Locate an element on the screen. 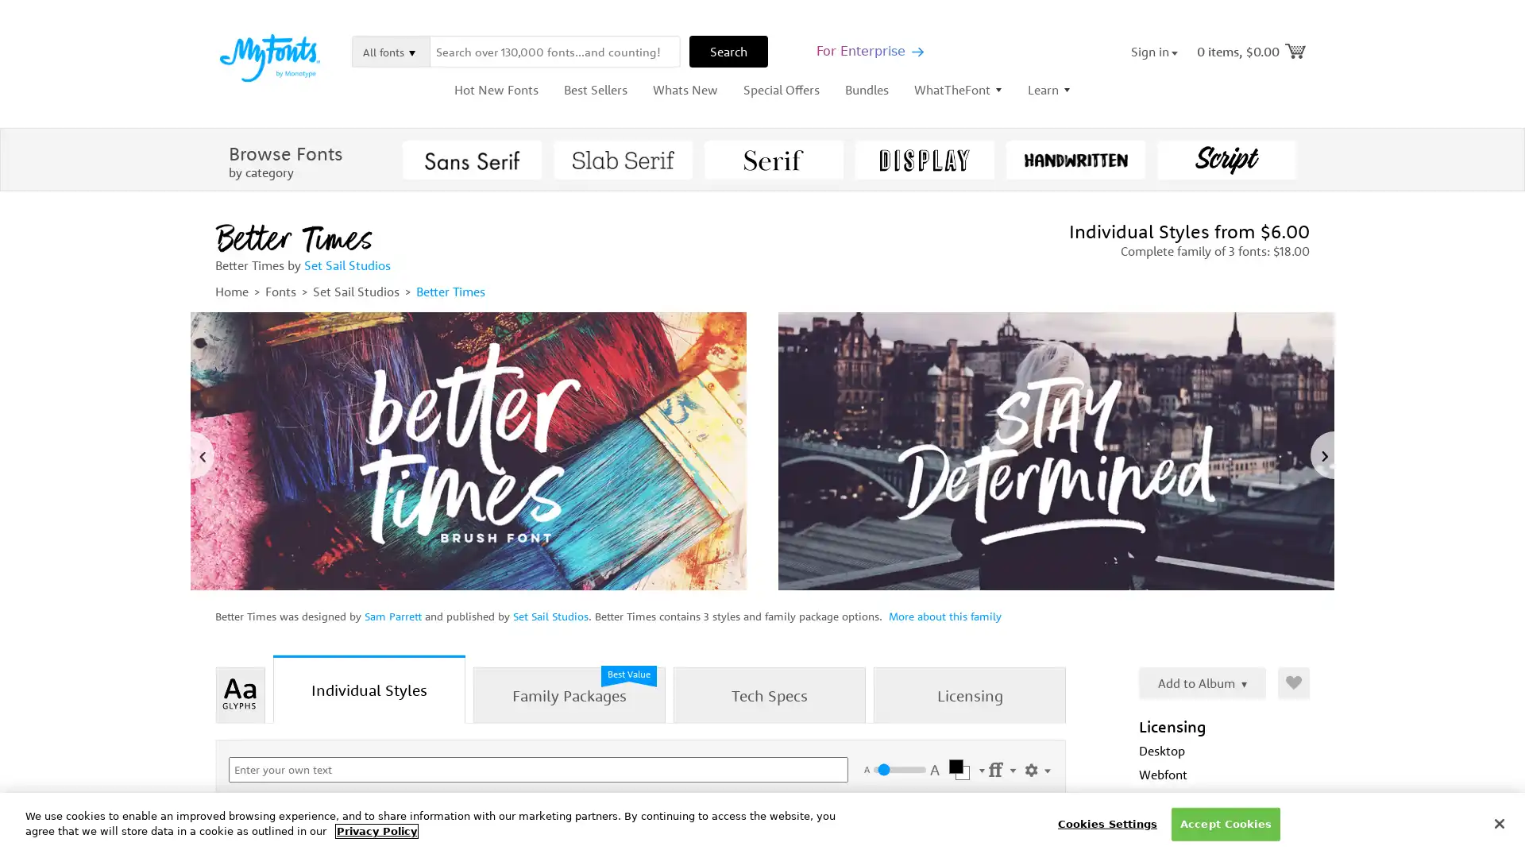 Image resolution: width=1525 pixels, height=858 pixels. Search is located at coordinates (728, 51).